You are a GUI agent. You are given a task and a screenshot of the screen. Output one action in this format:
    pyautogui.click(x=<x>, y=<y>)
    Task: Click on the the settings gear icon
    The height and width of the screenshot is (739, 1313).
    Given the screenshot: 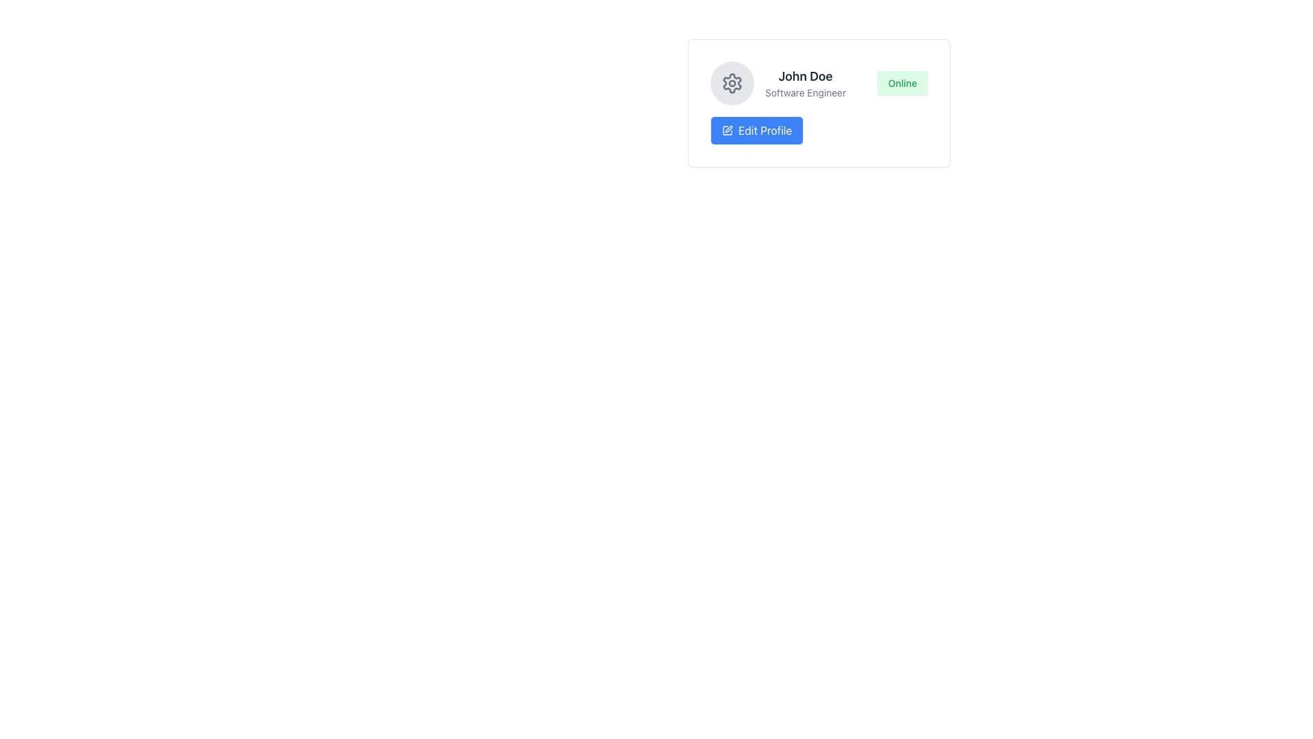 What is the action you would take?
    pyautogui.click(x=731, y=82)
    